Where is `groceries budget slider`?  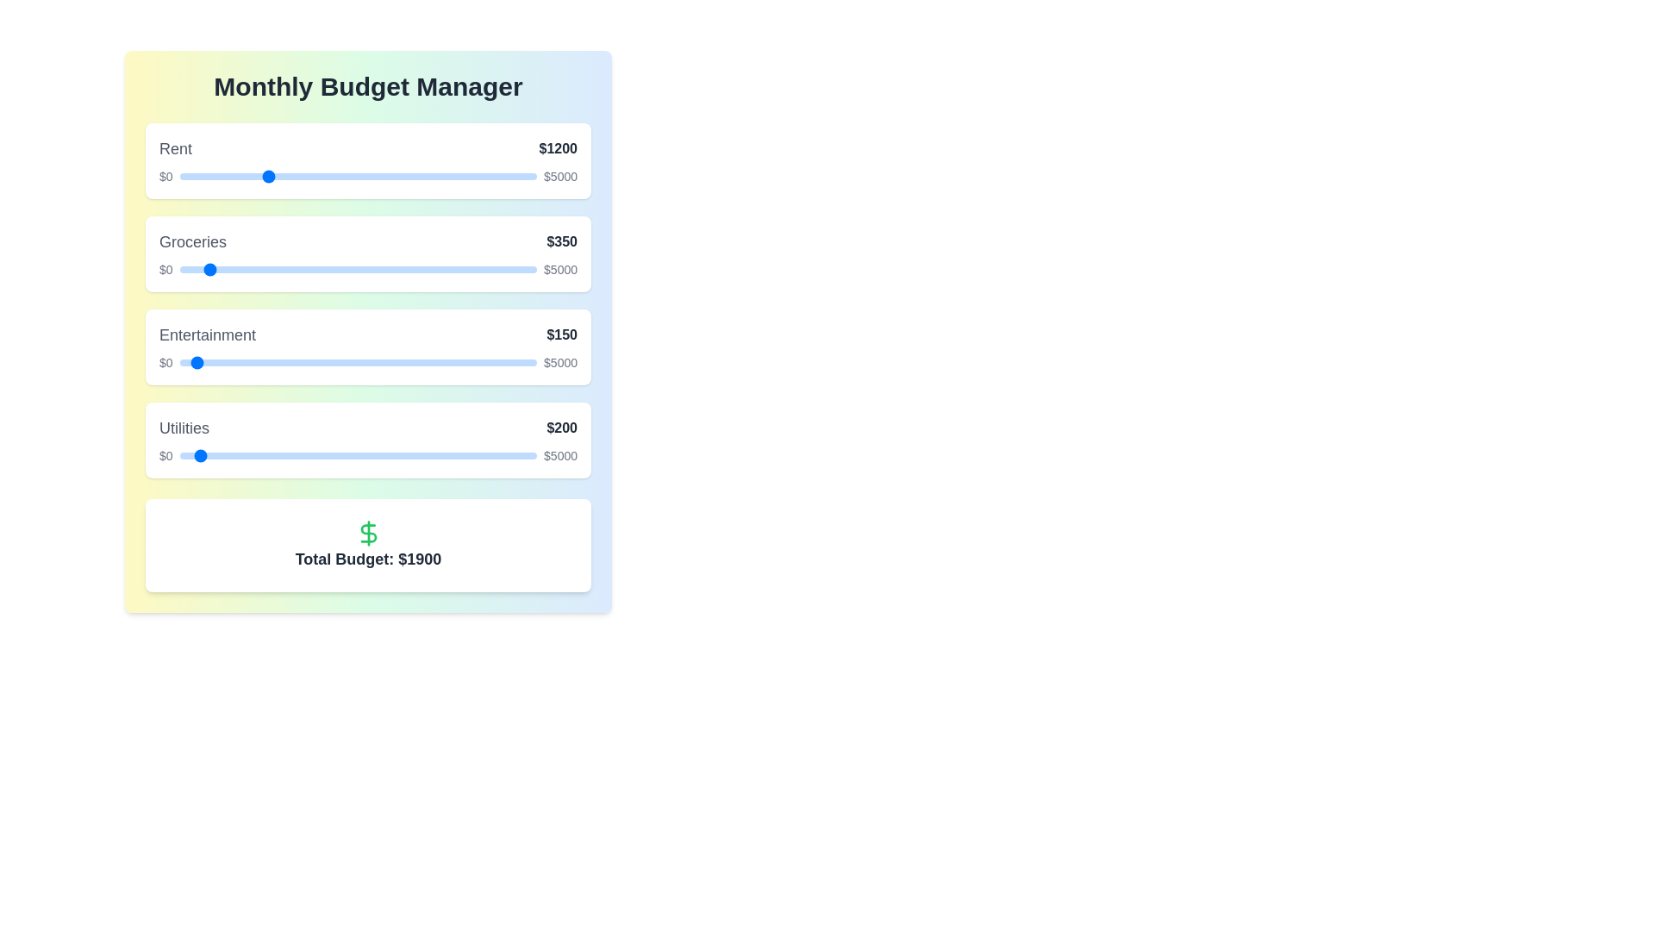
groceries budget slider is located at coordinates (396, 269).